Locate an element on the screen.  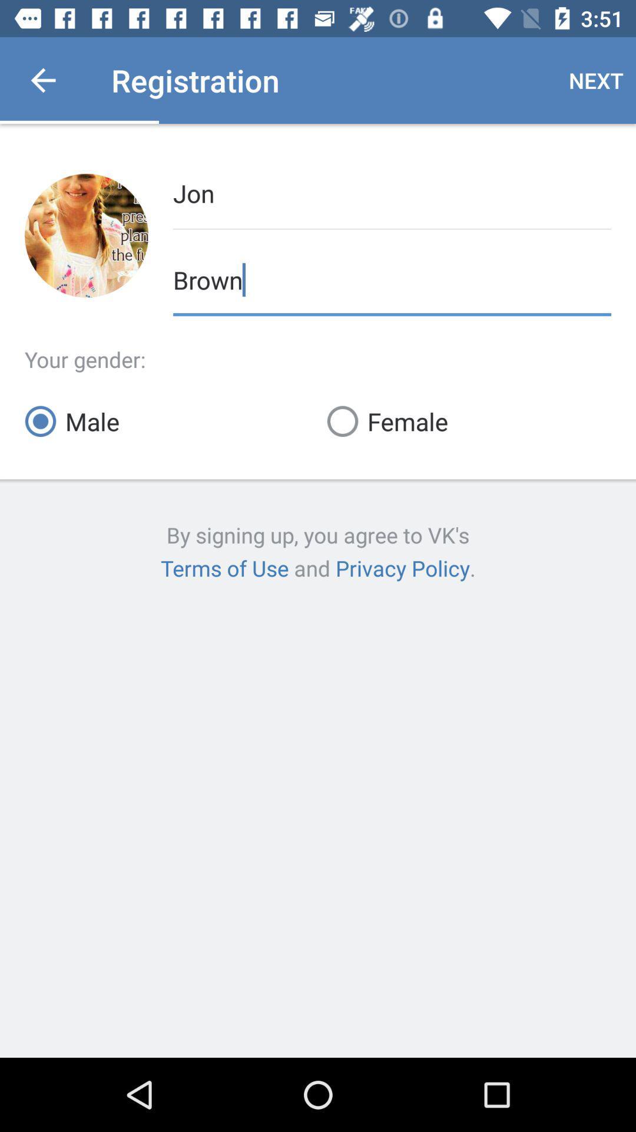
the next item is located at coordinates (596, 80).